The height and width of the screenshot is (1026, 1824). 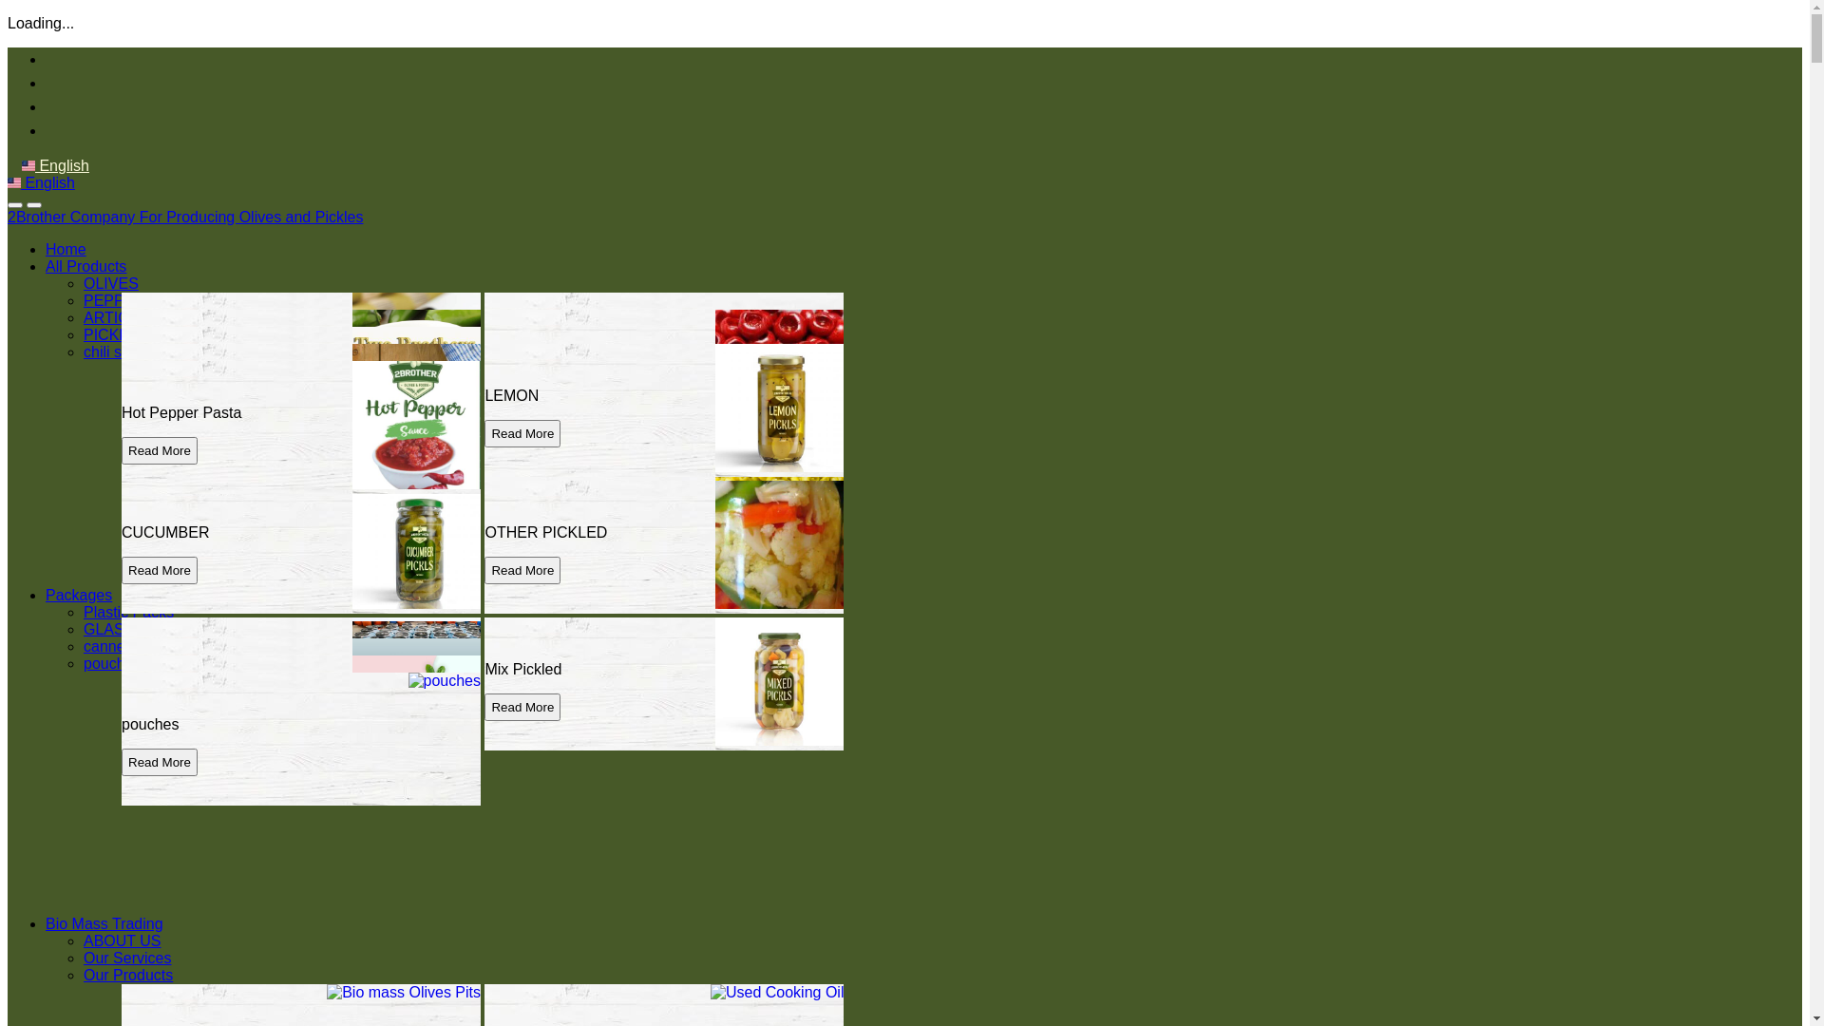 I want to click on 'Read More', so click(x=160, y=569).